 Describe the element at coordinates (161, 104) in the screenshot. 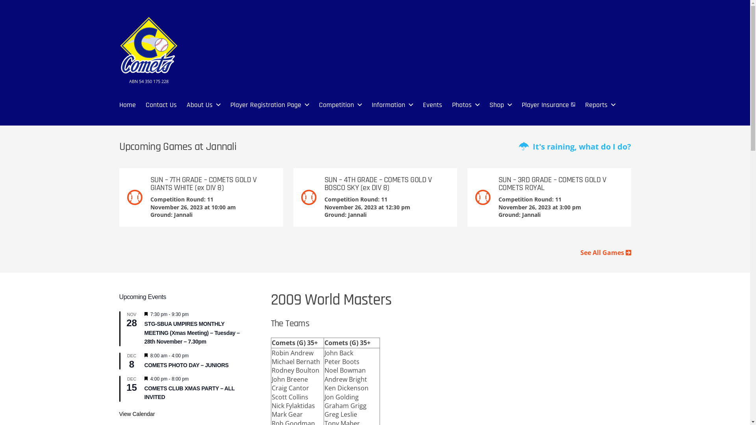

I see `'Contact Us'` at that location.